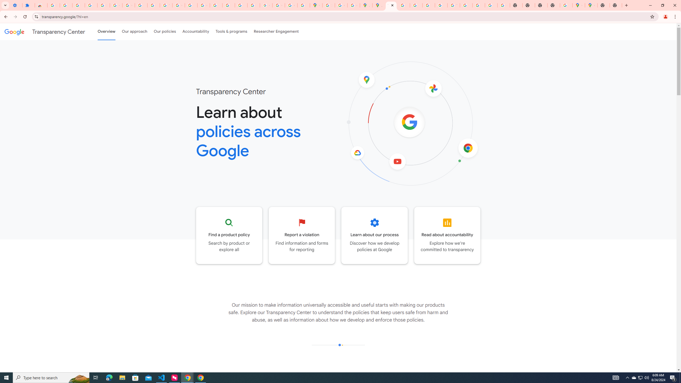 This screenshot has height=383, width=681. I want to click on 'Google Maps', so click(591, 5).